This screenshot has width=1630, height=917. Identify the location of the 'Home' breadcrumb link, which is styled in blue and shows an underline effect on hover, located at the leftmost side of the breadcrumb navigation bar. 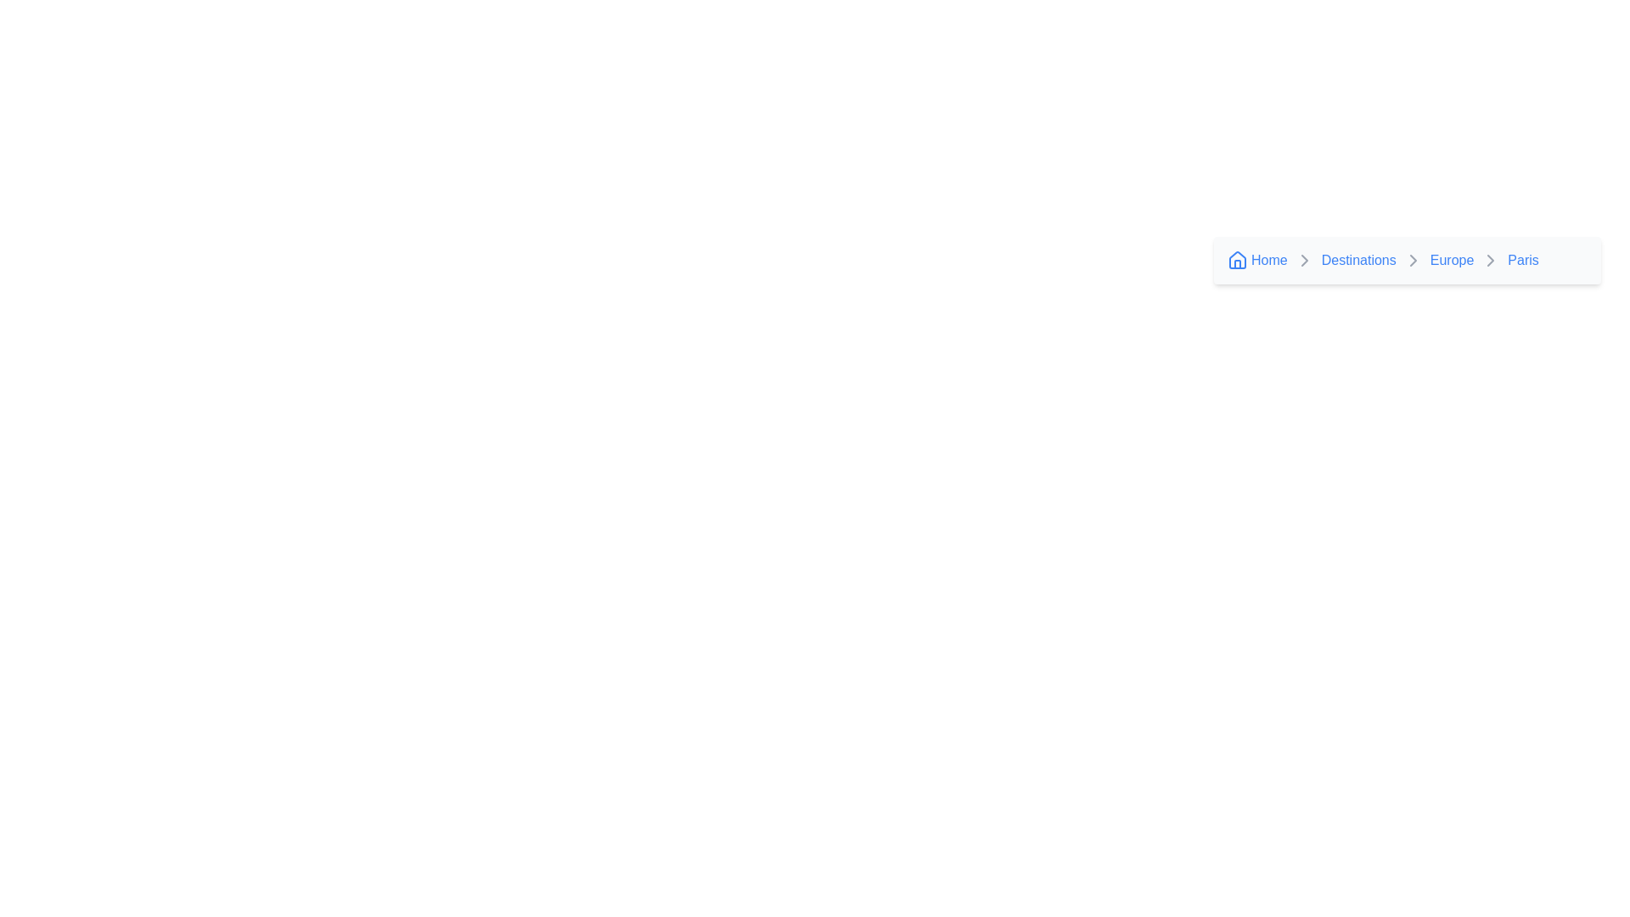
(1274, 261).